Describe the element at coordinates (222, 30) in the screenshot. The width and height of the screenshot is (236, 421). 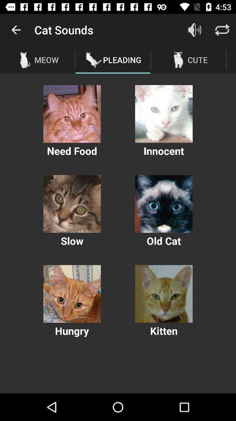
I see `the item above cute icon` at that location.